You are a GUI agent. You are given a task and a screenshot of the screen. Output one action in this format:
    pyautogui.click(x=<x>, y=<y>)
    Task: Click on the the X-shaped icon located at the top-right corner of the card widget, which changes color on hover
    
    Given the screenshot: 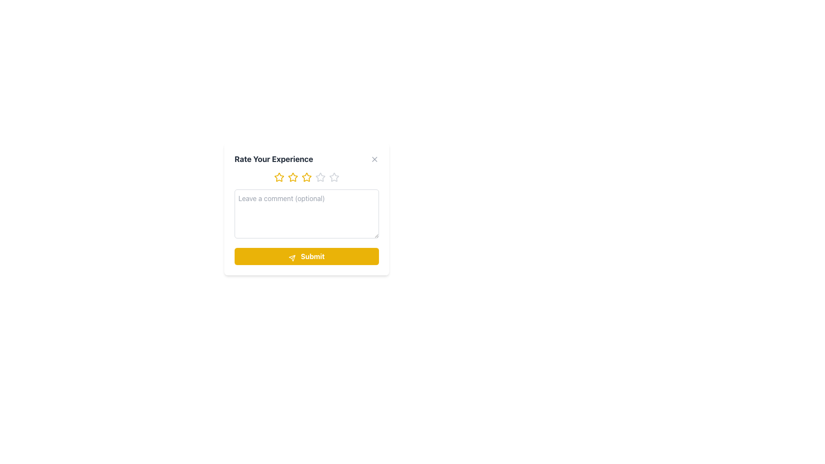 What is the action you would take?
    pyautogui.click(x=375, y=159)
    